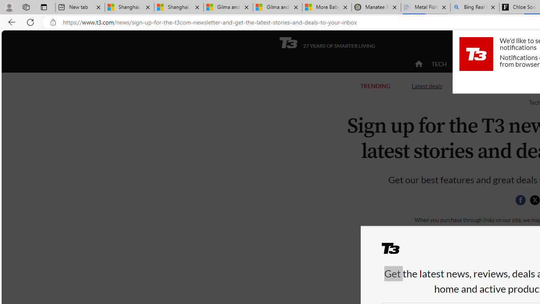 The height and width of the screenshot is (304, 540). Describe the element at coordinates (474, 63) in the screenshot. I see `'ACTIVE'` at that location.